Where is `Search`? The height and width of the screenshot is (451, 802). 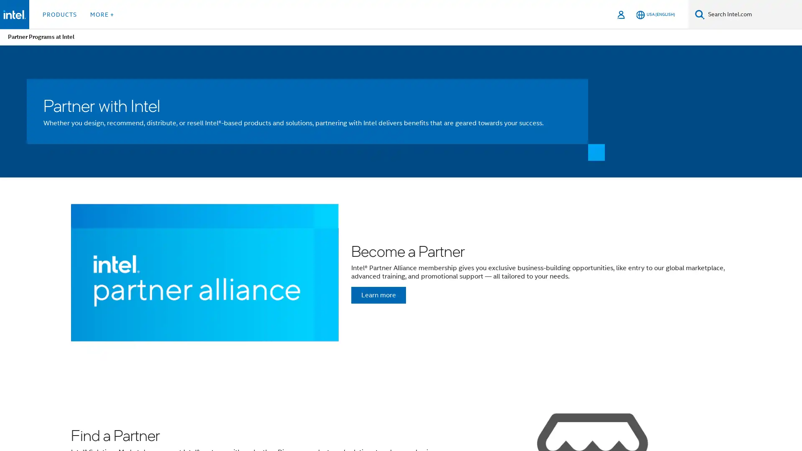 Search is located at coordinates (700, 14).